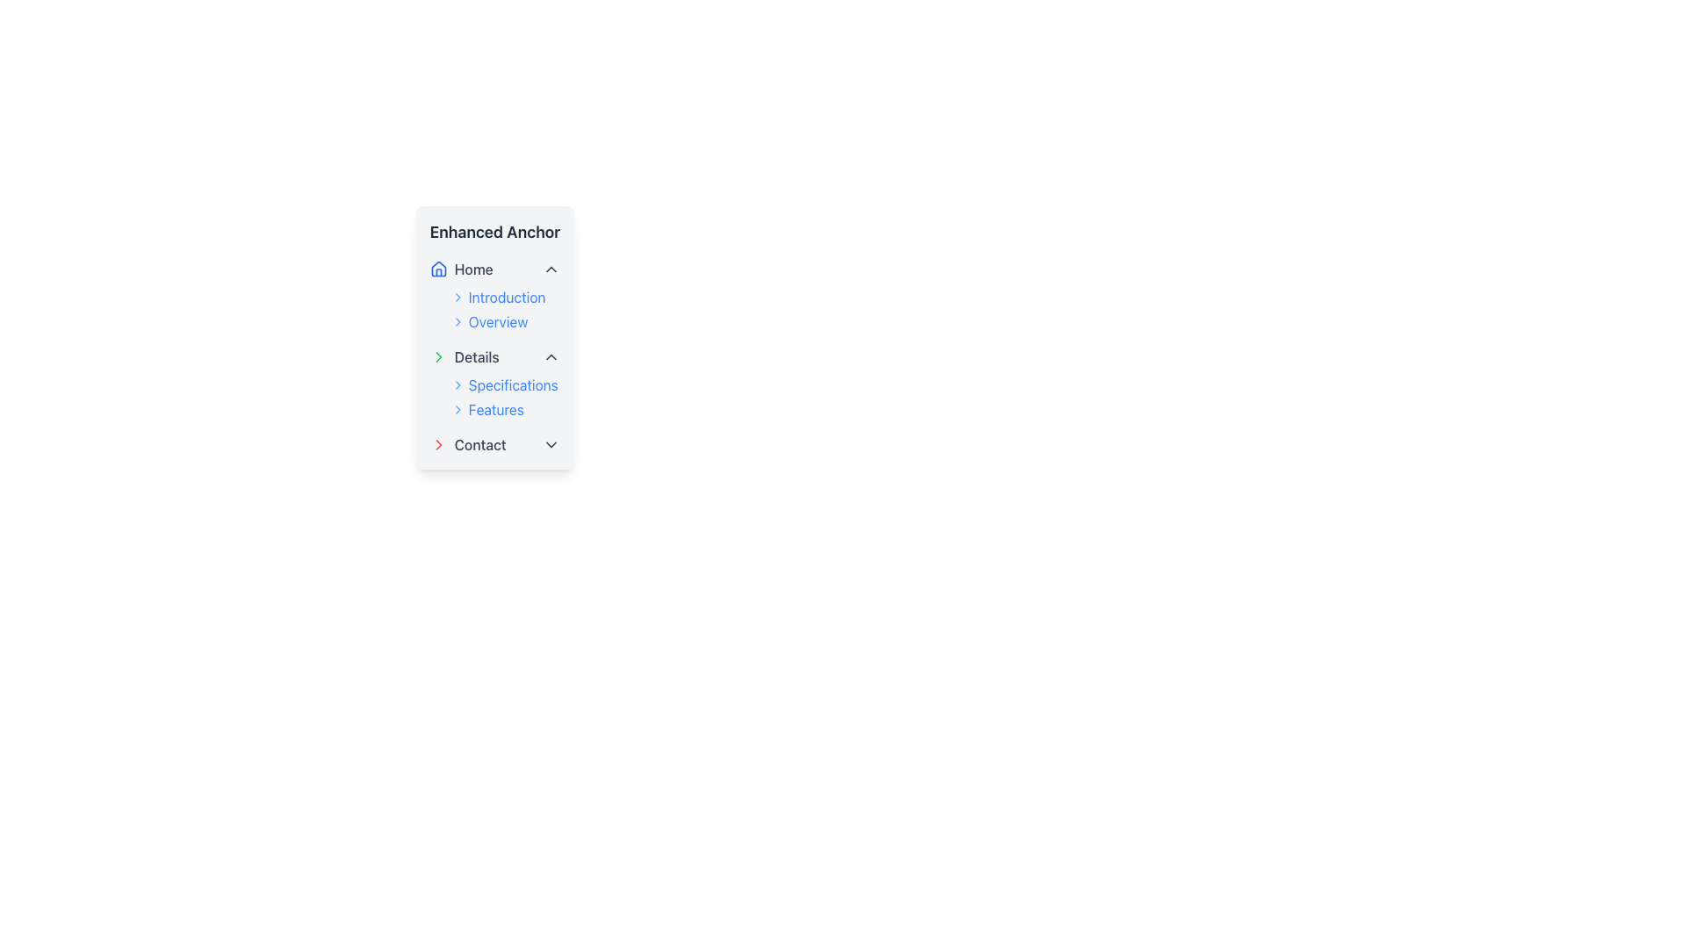  Describe the element at coordinates (505, 409) in the screenshot. I see `the interactive link labeled 'Features' which is displayed in blue font and has a right-pointing chevron icon, located within the vertical list under 'Details'` at that location.